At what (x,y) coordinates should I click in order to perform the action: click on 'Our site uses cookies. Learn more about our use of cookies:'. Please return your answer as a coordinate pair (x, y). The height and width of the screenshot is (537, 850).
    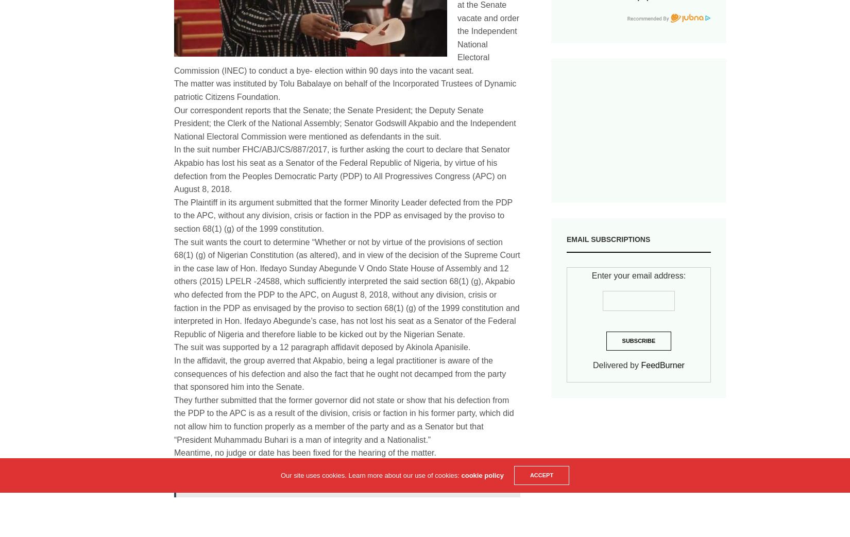
    Looking at the image, I should click on (370, 475).